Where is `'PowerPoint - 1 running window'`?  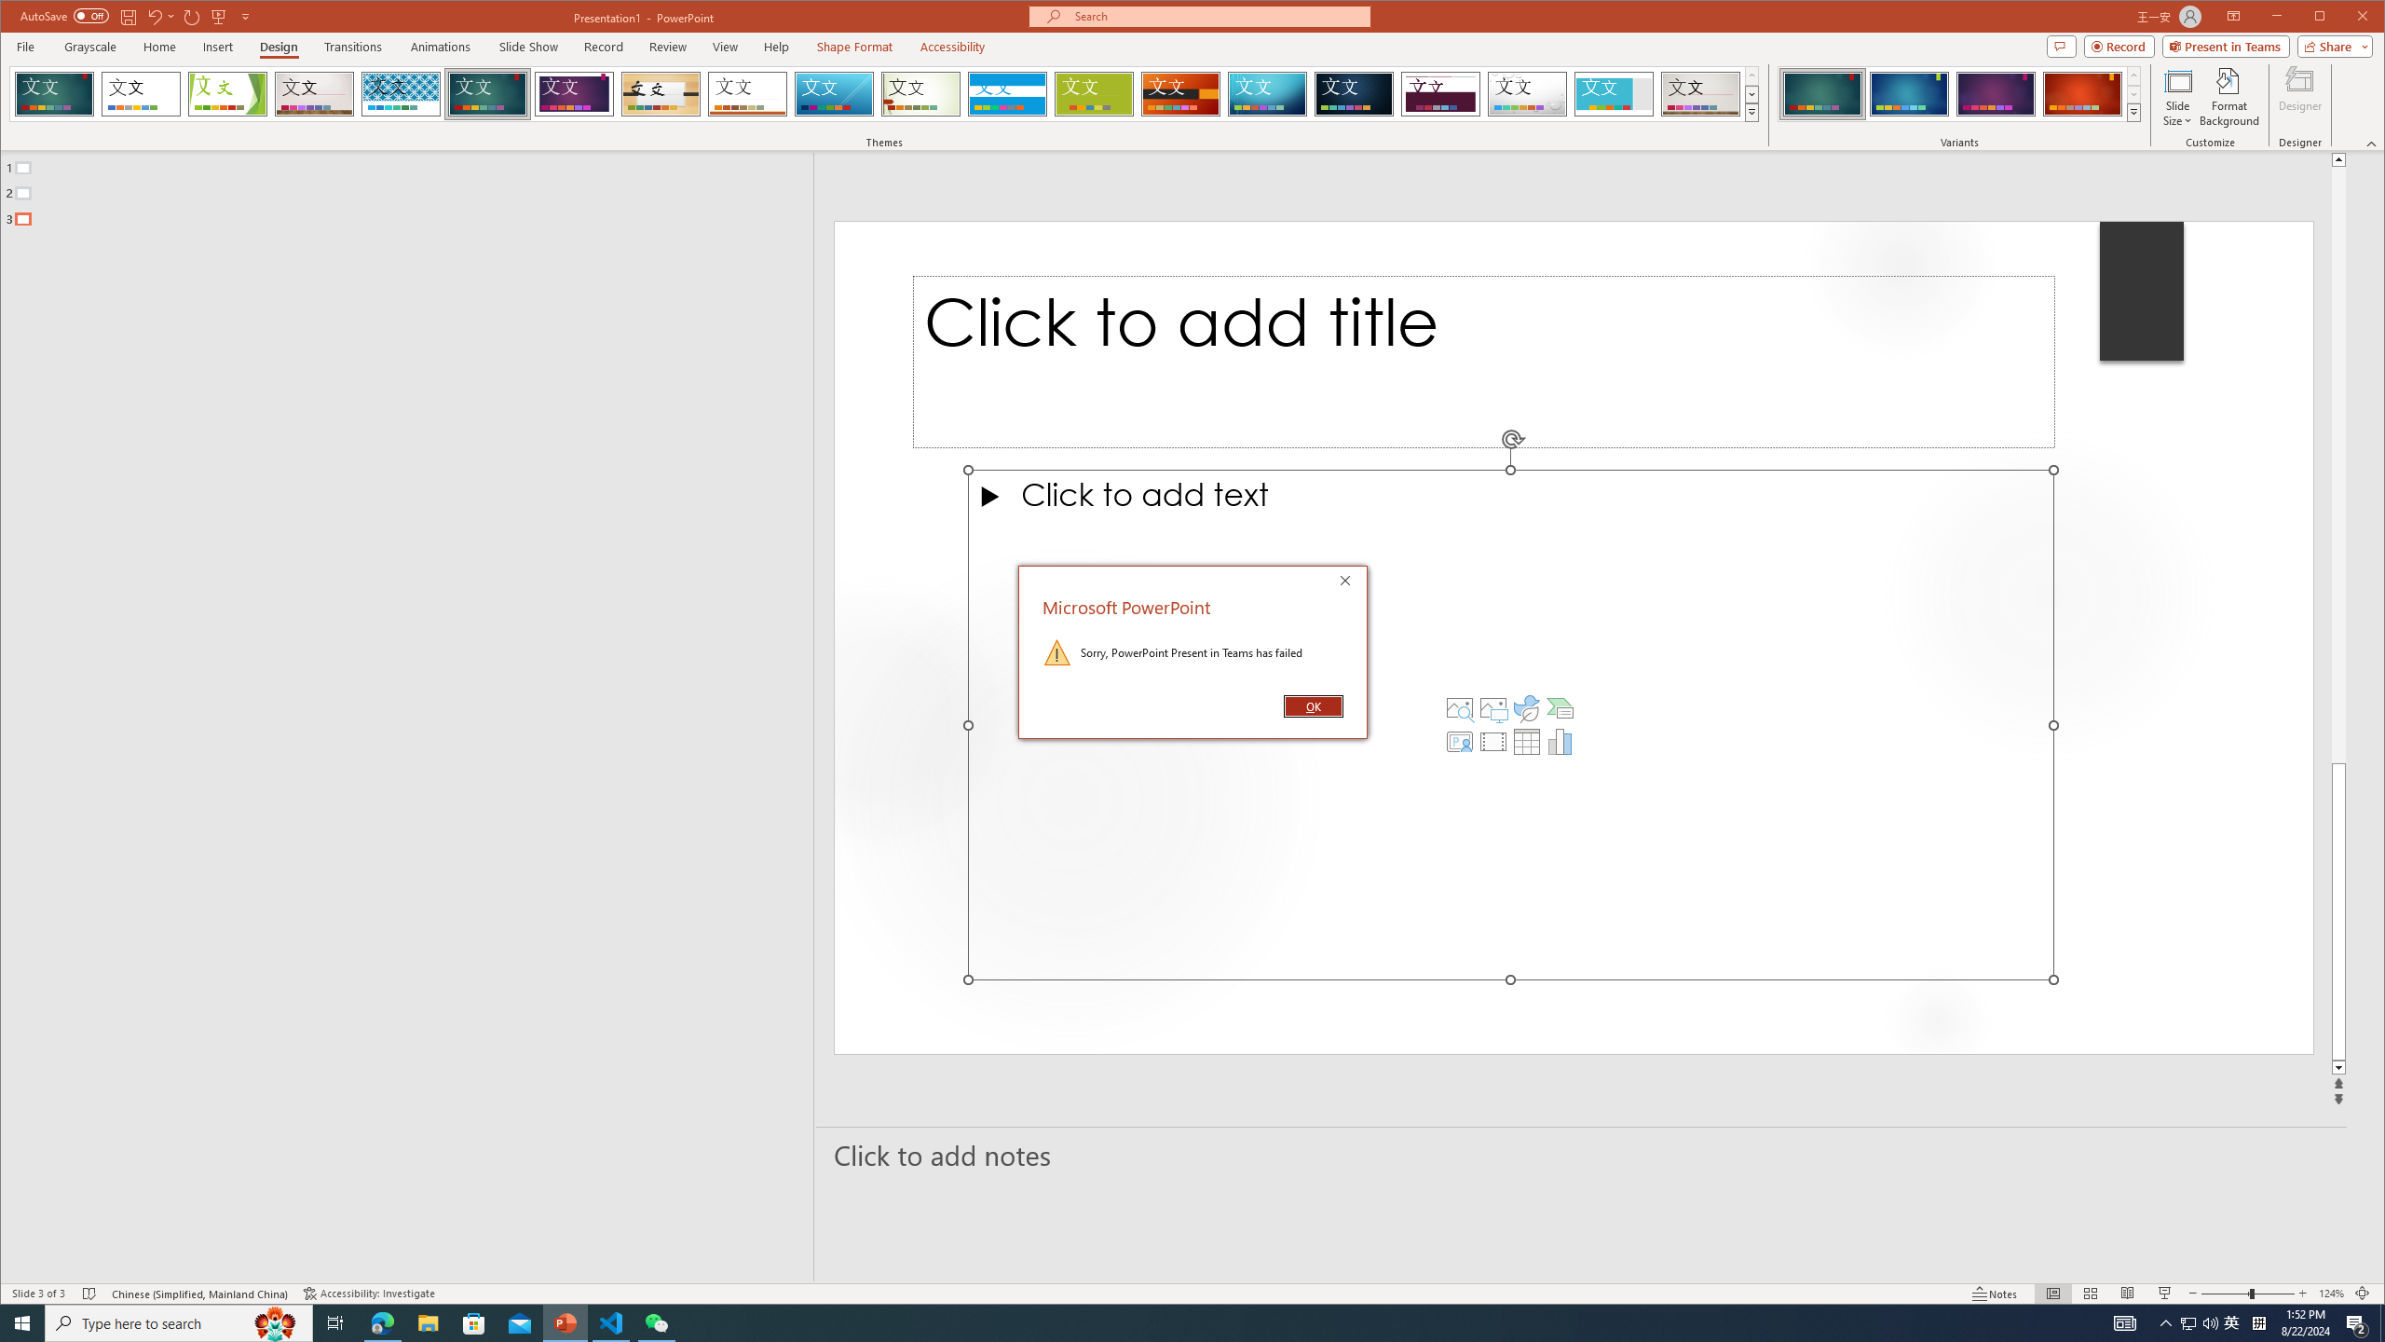
'PowerPoint - 1 running window' is located at coordinates (566, 1321).